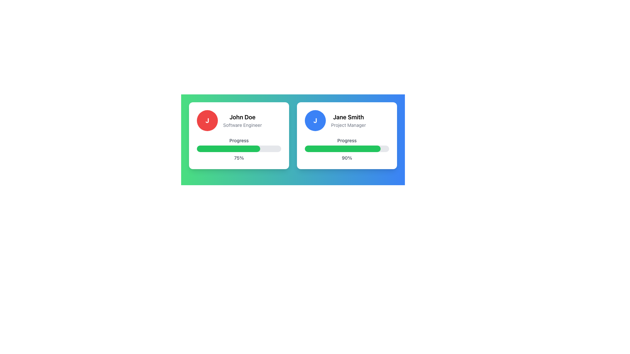  Describe the element at coordinates (348, 125) in the screenshot. I see `the static text label indicating the professional title 'Project Manager' associated with user 'Jane Smith', which is located beneath the name within the card` at that location.